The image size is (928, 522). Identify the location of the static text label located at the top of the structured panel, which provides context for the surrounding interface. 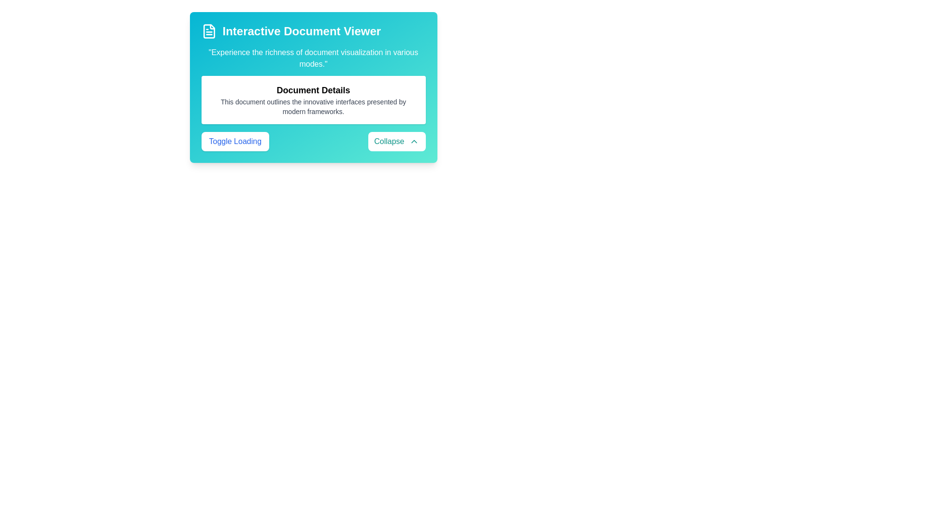
(313, 58).